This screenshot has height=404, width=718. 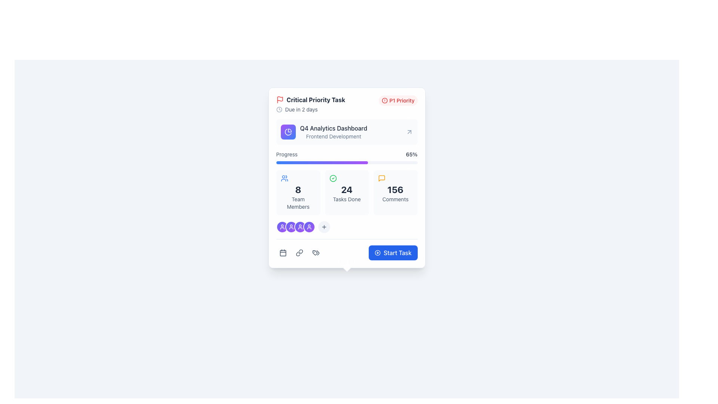 What do you see at coordinates (377, 252) in the screenshot?
I see `the circular SVG graphic component which signifies an interactive or decorative purpose within the user interface` at bounding box center [377, 252].